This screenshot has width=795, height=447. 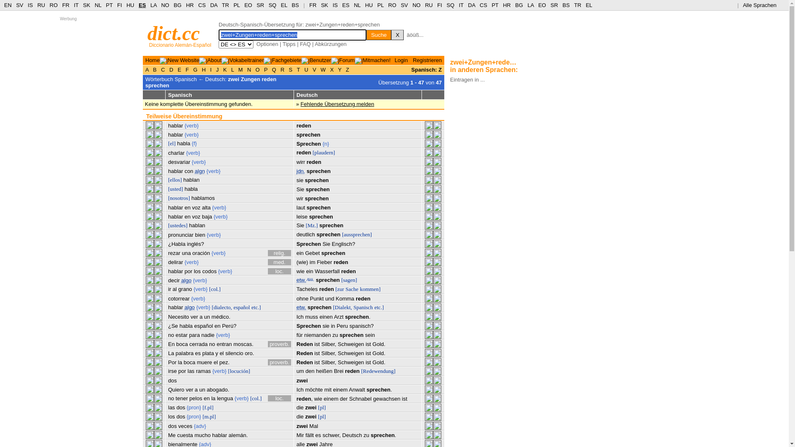 What do you see at coordinates (224, 362) in the screenshot?
I see `'pez.'` at bounding box center [224, 362].